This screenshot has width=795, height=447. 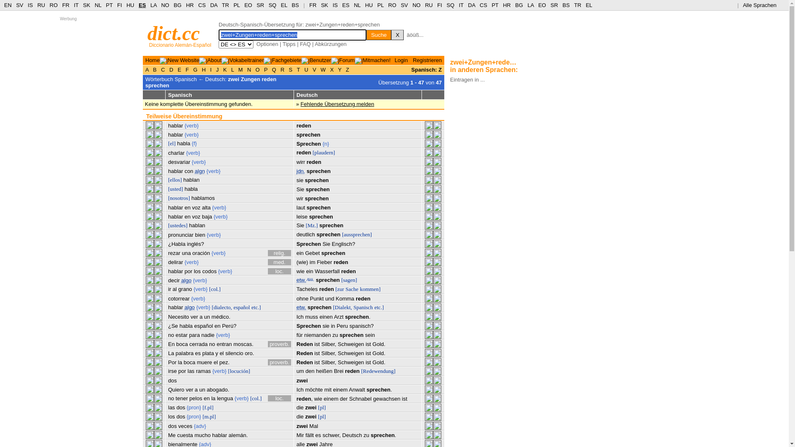 What do you see at coordinates (224, 362) in the screenshot?
I see `'pez.'` at bounding box center [224, 362].